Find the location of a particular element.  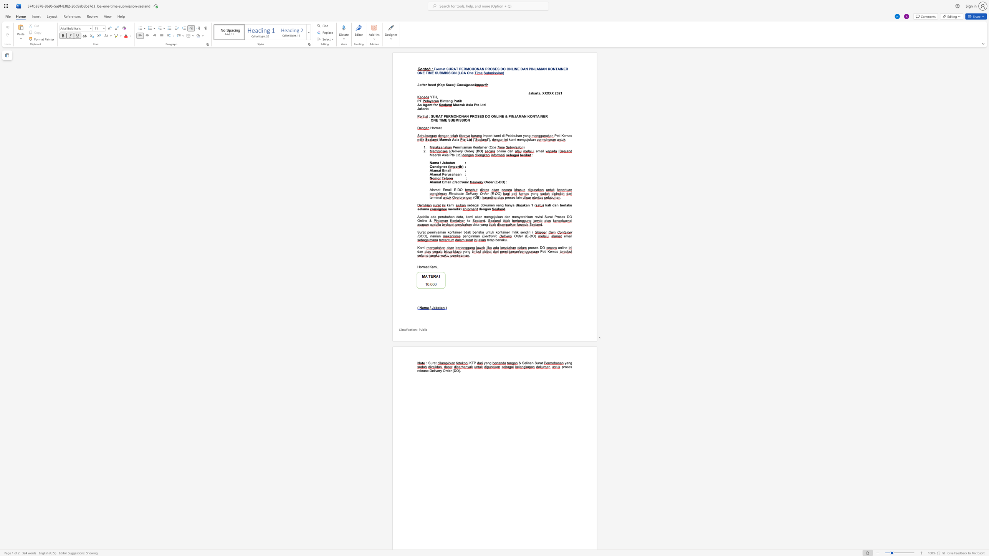

the subset text "mi di Pe" within the text "import kami di Pelabuhan yang" is located at coordinates (497, 135).